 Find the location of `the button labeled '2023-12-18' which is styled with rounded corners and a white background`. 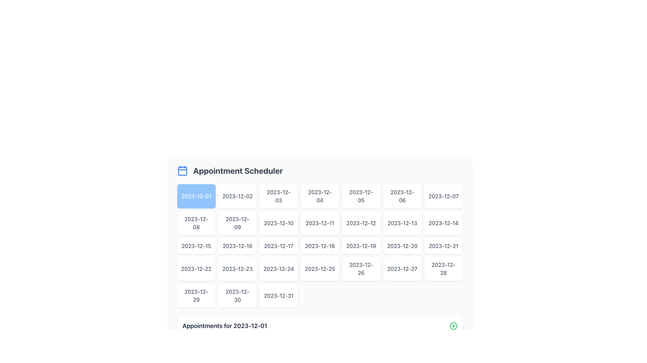

the button labeled '2023-12-18' which is styled with rounded corners and a white background is located at coordinates (319, 246).